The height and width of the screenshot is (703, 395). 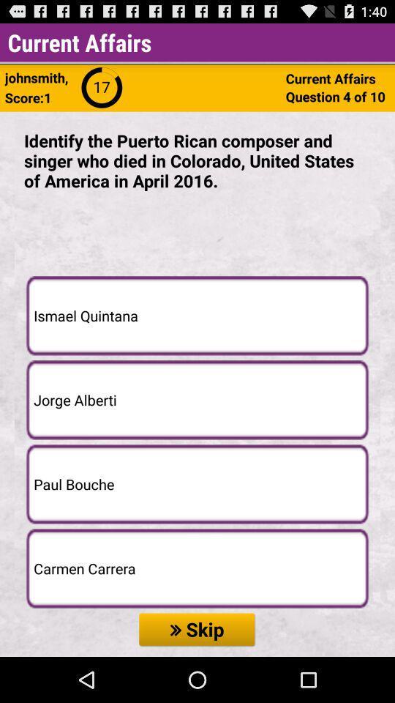 I want to click on the icon above jorge alberti button, so click(x=197, y=316).